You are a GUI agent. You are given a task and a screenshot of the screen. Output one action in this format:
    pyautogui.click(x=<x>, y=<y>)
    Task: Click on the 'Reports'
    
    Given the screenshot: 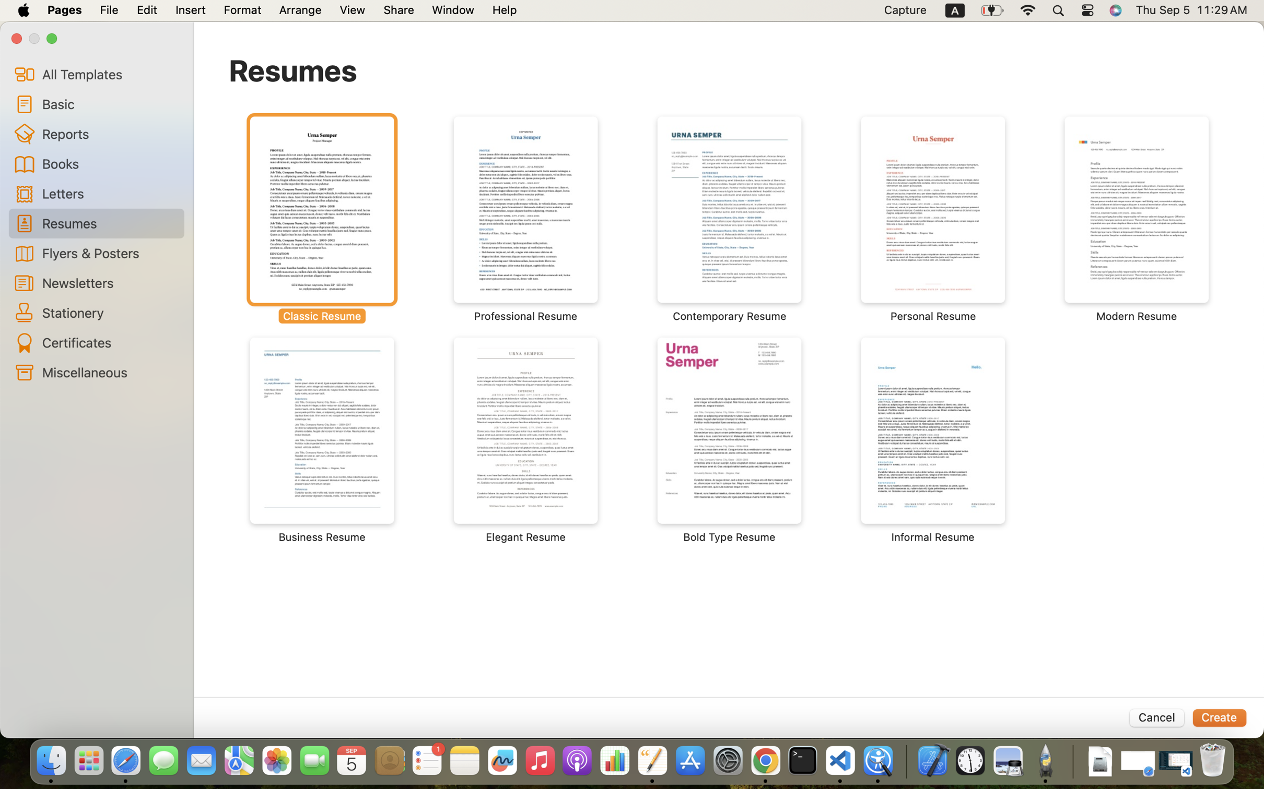 What is the action you would take?
    pyautogui.click(x=109, y=133)
    